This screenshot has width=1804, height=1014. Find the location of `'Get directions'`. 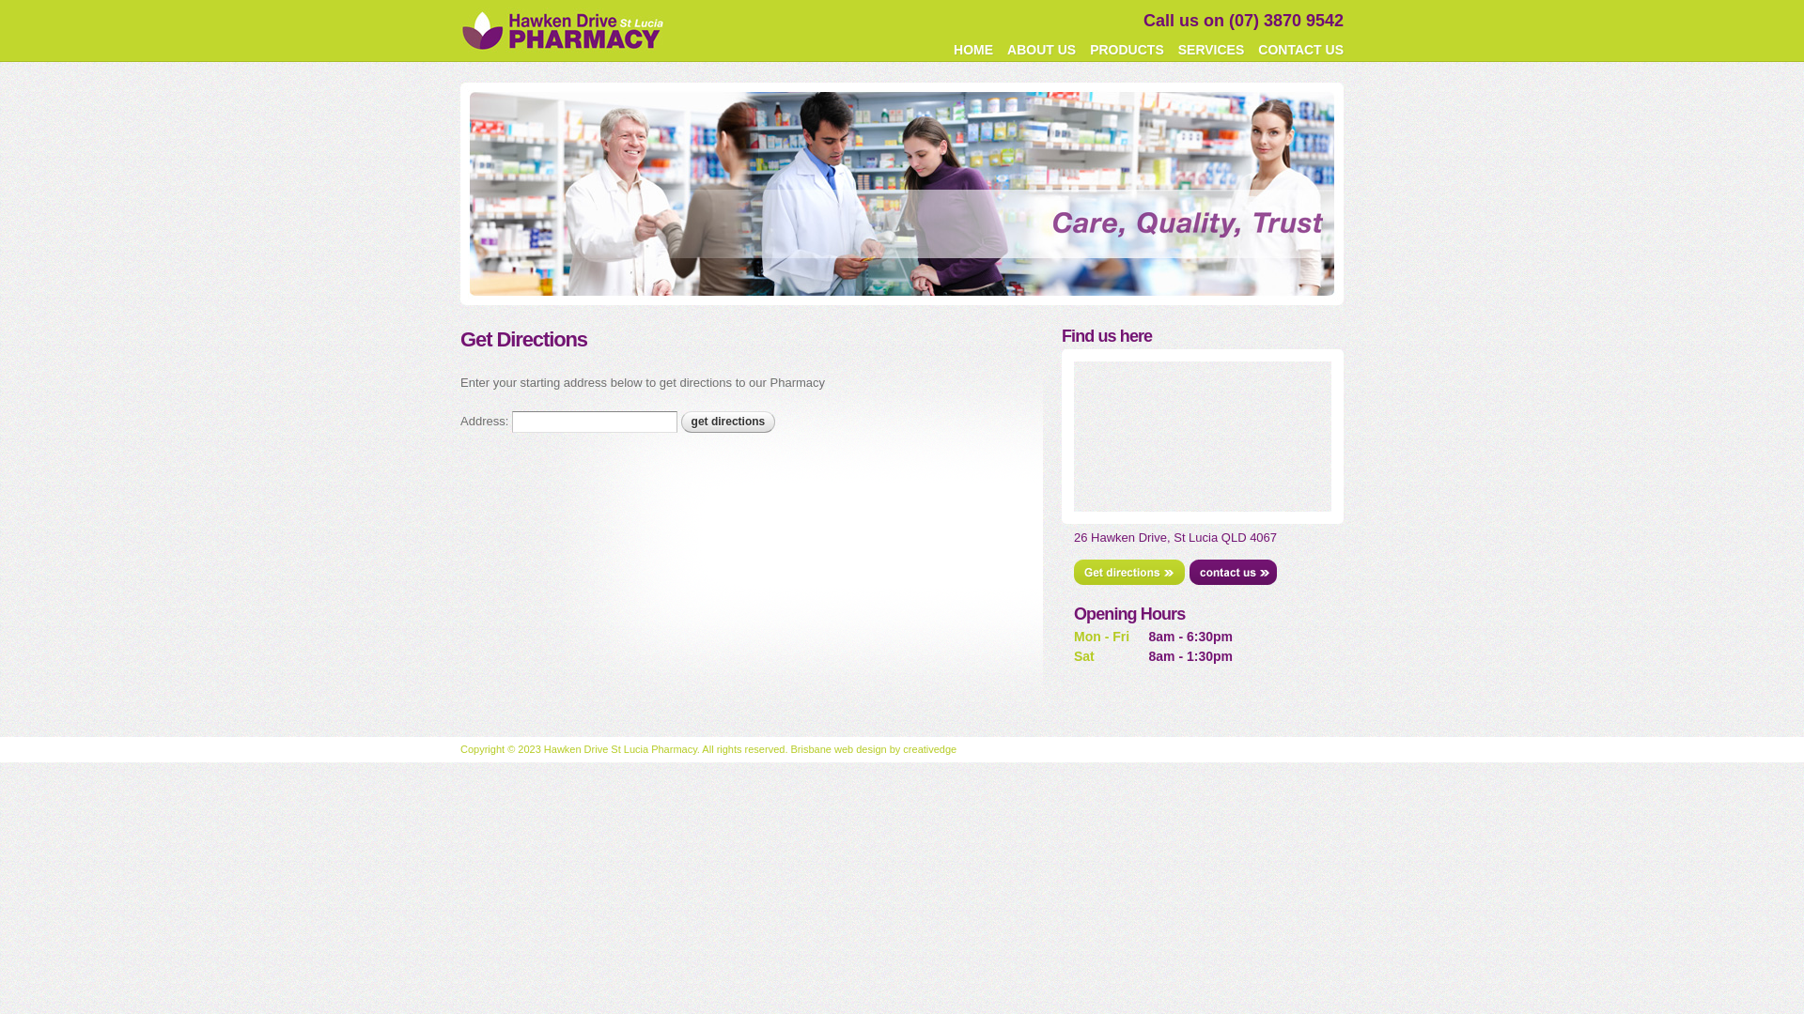

'Get directions' is located at coordinates (1073, 571).